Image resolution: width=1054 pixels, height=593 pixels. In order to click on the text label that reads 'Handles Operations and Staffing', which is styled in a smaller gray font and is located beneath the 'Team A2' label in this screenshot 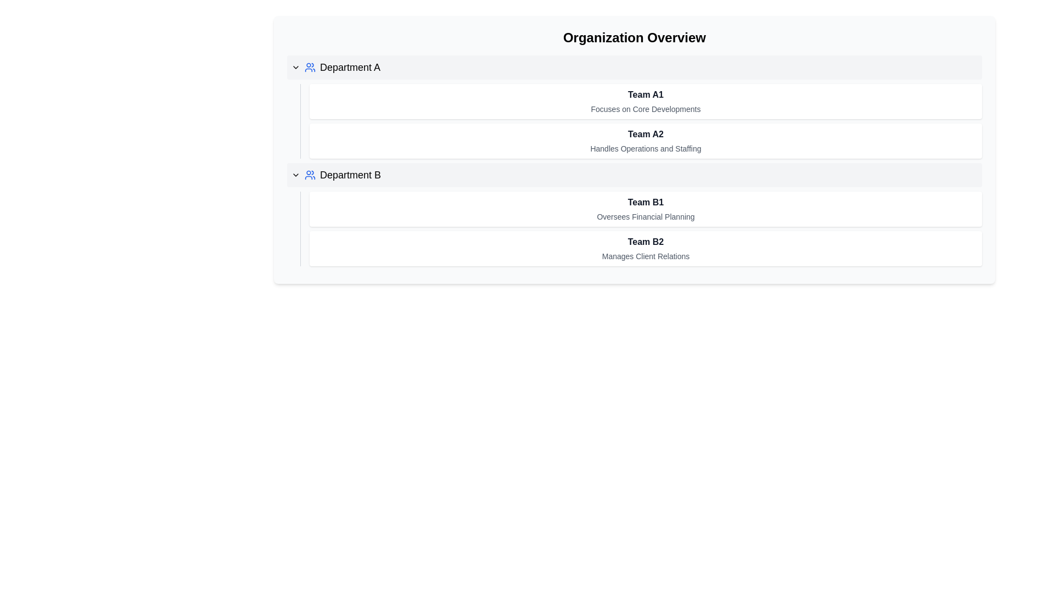, I will do `click(646, 148)`.